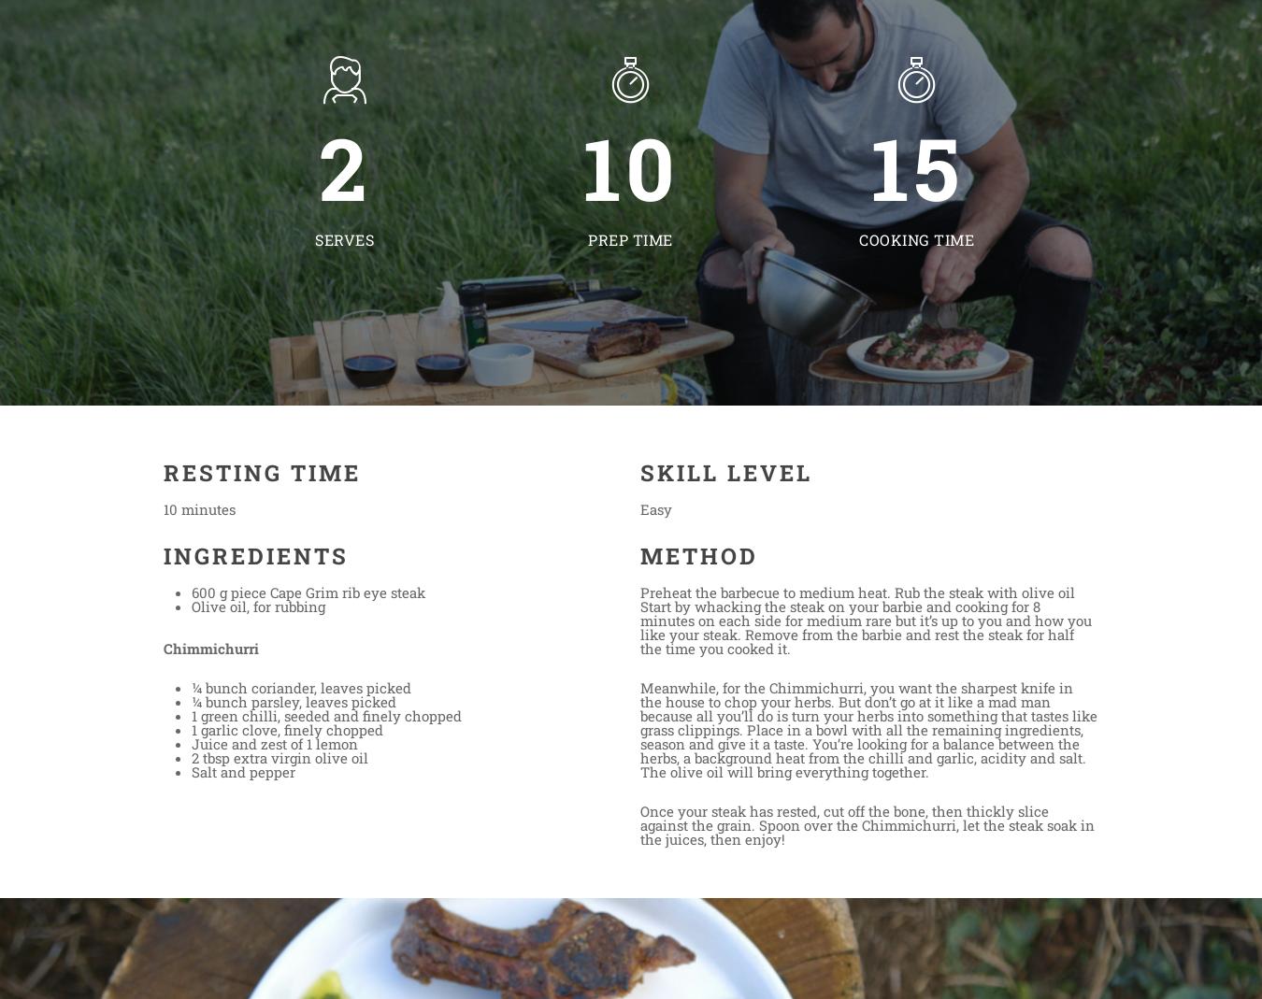  What do you see at coordinates (286, 730) in the screenshot?
I see `'1 garlic clove, finely chopped'` at bounding box center [286, 730].